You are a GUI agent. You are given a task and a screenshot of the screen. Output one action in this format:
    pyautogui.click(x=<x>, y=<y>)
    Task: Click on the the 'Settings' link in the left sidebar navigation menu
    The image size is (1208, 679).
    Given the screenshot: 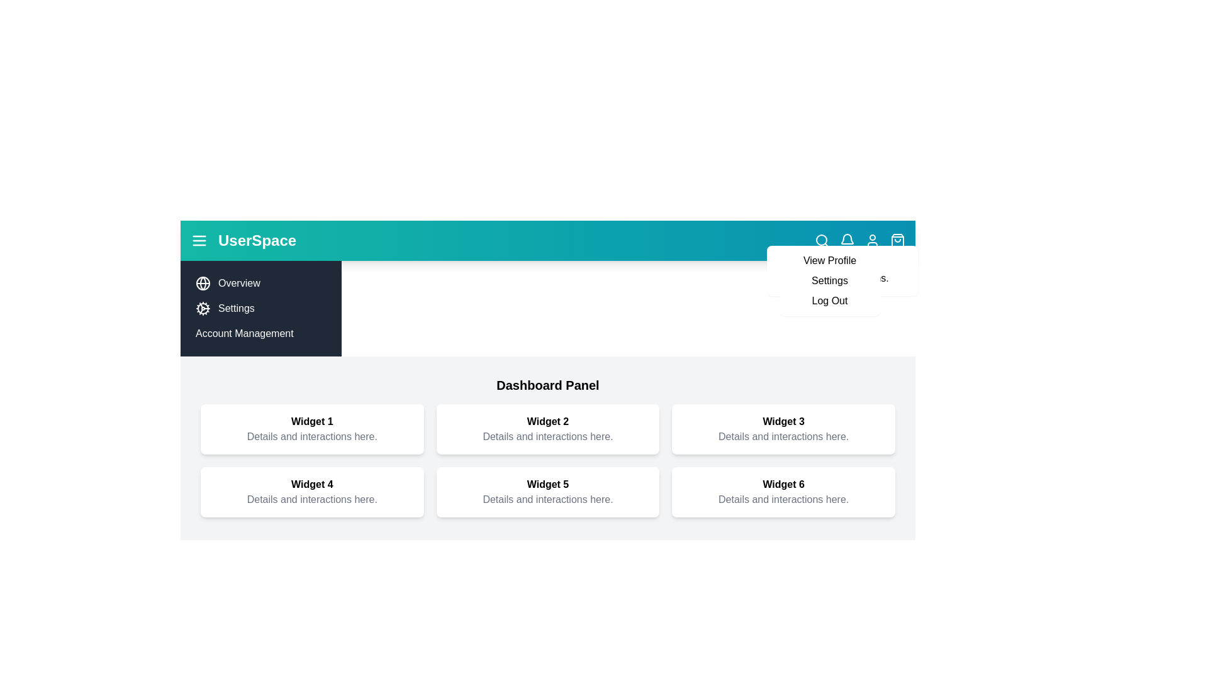 What is the action you would take?
    pyautogui.click(x=260, y=308)
    